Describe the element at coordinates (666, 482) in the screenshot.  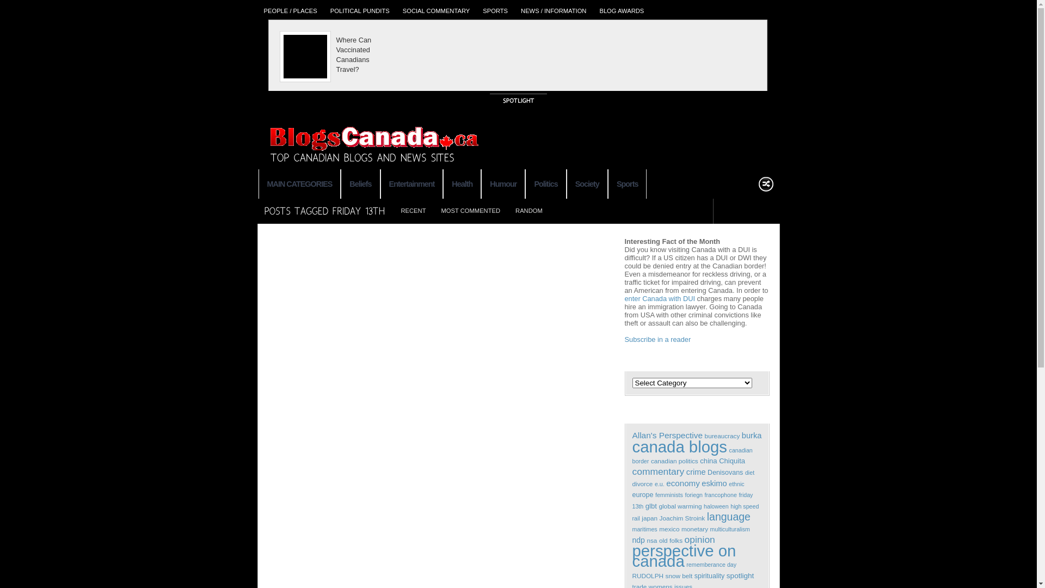
I see `'economy'` at that location.